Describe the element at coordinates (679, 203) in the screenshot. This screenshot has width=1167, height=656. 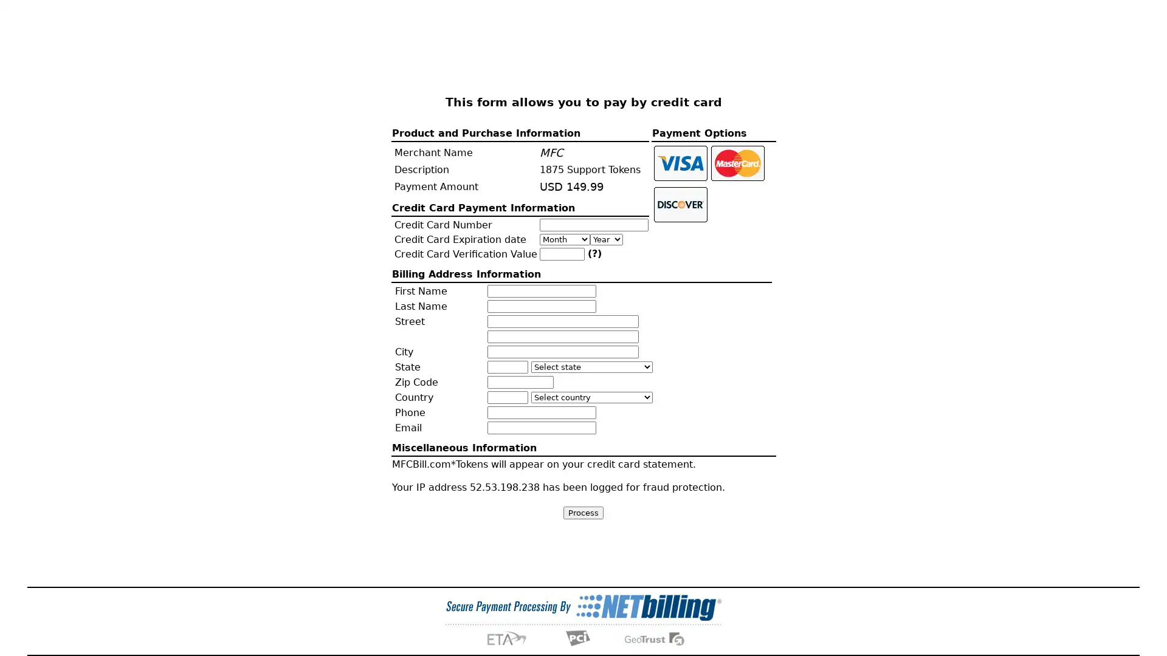
I see `Click to pay with Discover card` at that location.